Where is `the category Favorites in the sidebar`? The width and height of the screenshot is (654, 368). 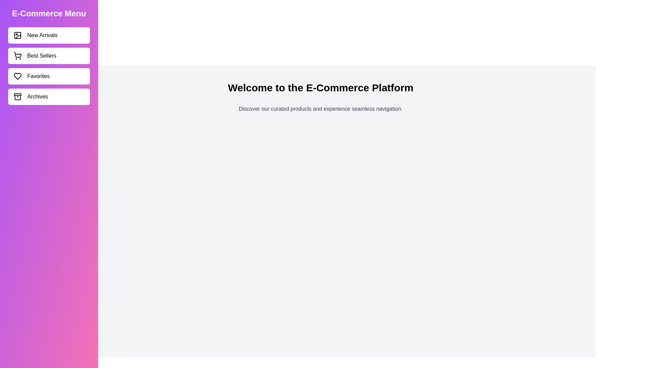
the category Favorites in the sidebar is located at coordinates (49, 76).